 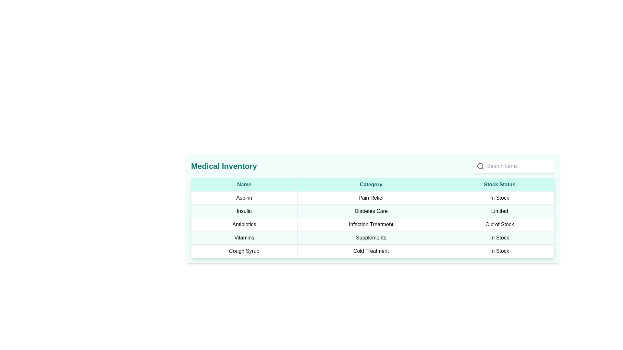 What do you see at coordinates (371, 224) in the screenshot?
I see `the text label displaying 'Infection Treatment' which is centrally located in the 'Category' column of the 'Medical Inventory' table` at bounding box center [371, 224].